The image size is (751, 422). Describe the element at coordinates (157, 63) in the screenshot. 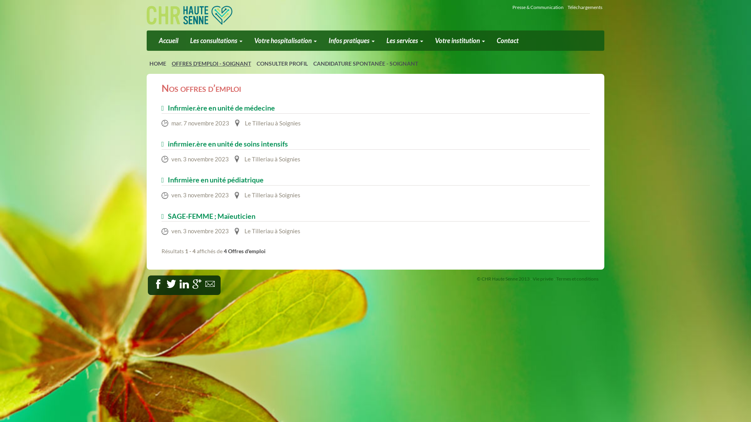

I see `'HOME'` at that location.